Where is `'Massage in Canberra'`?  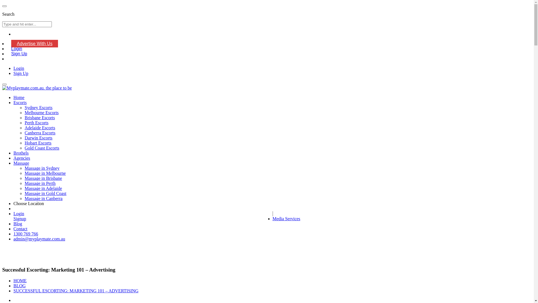
'Massage in Canberra' is located at coordinates (43, 198).